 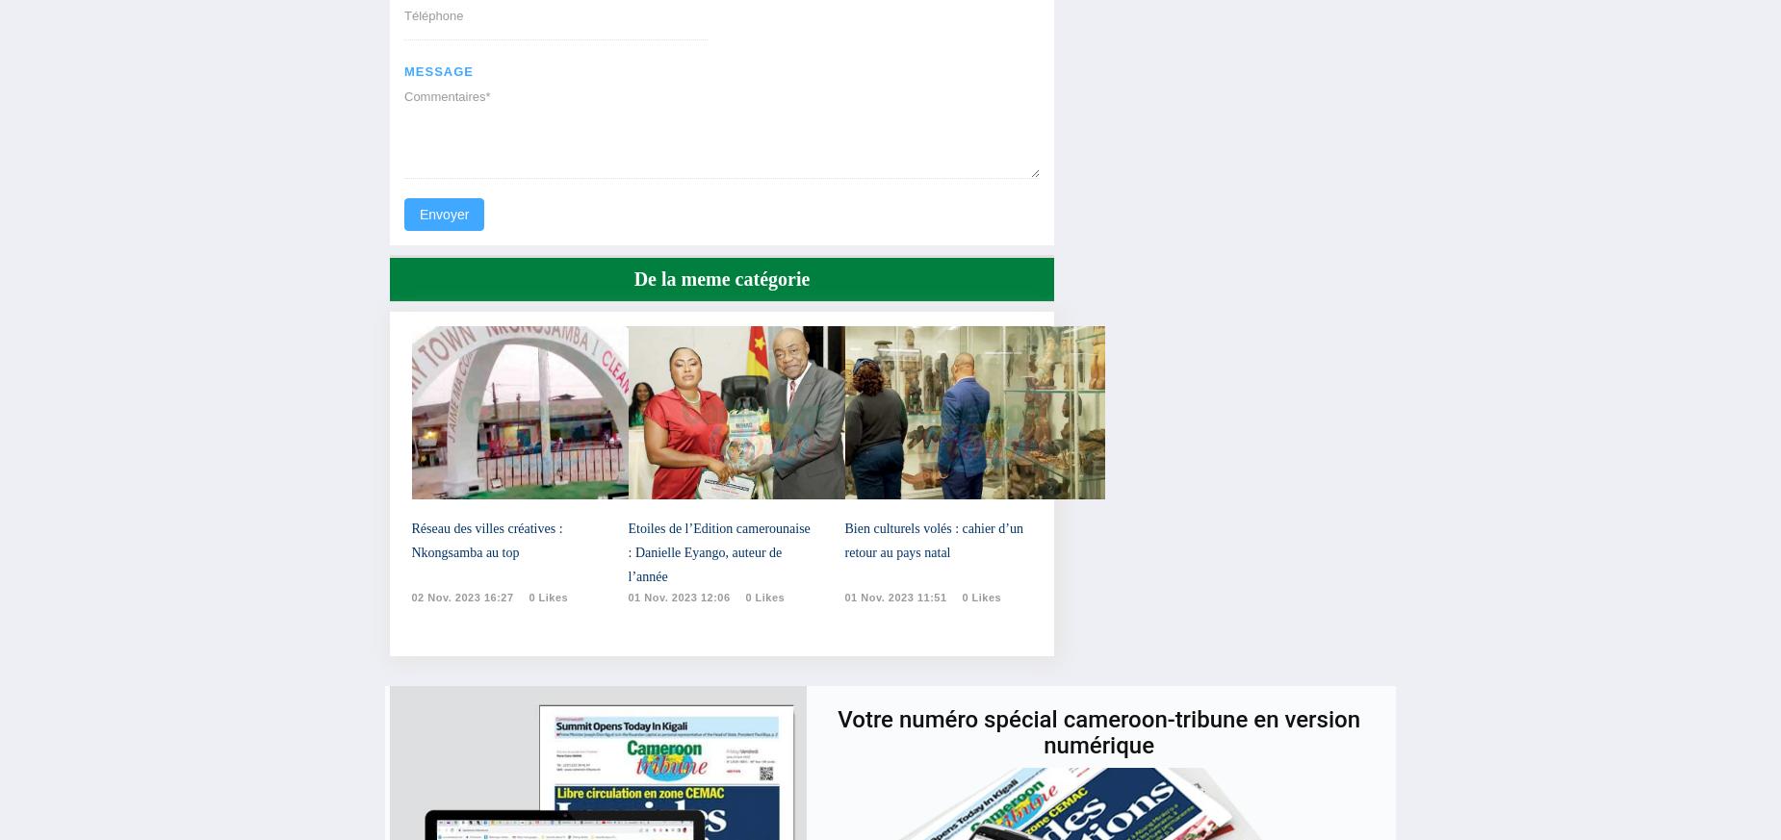 What do you see at coordinates (438, 70) in the screenshot?
I see `'message'` at bounding box center [438, 70].